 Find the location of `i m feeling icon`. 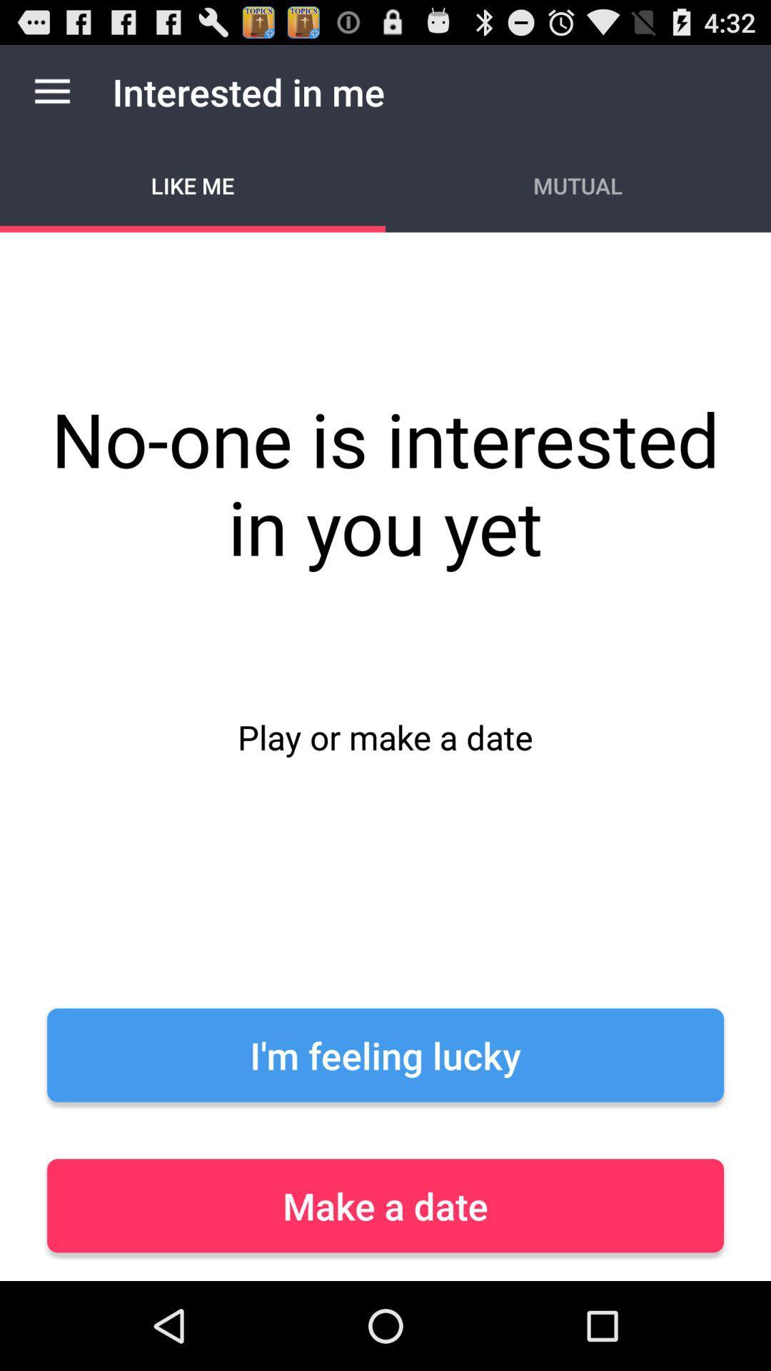

i m feeling icon is located at coordinates (385, 1055).